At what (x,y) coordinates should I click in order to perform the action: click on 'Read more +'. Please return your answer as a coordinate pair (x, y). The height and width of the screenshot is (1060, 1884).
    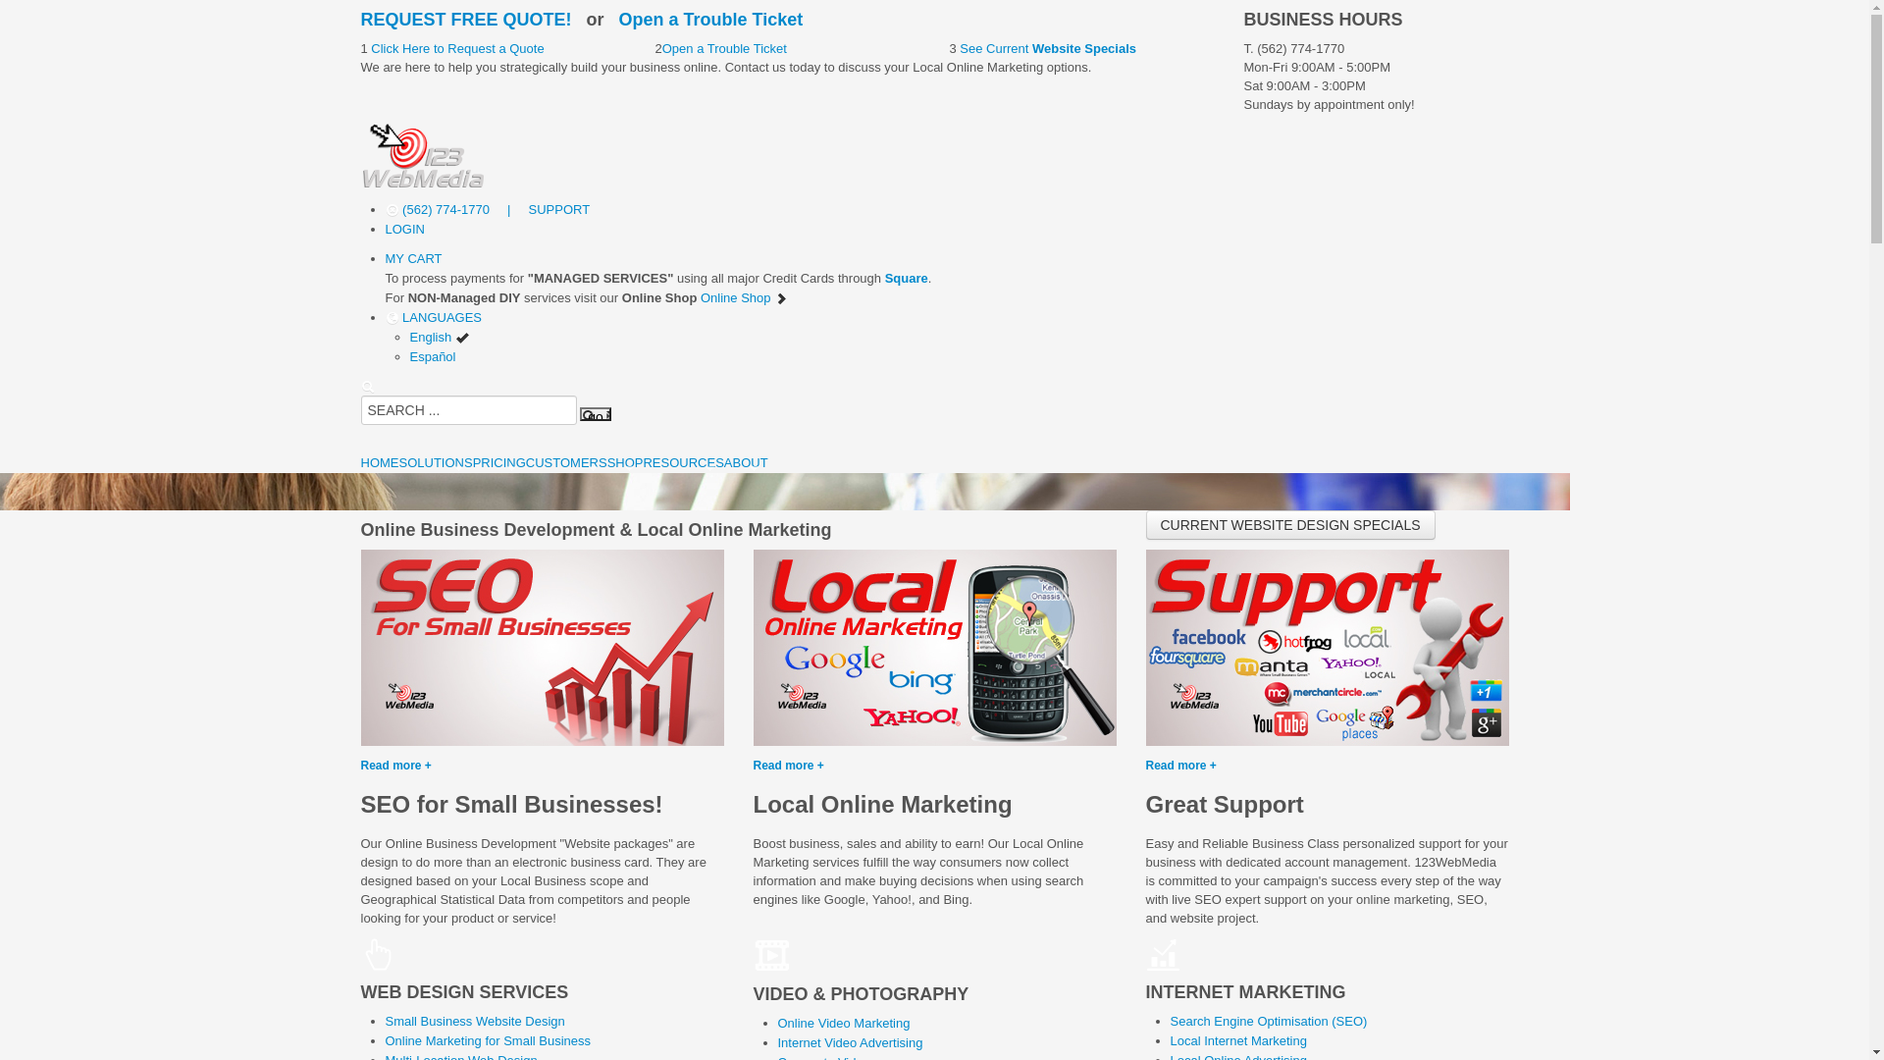
    Looking at the image, I should click on (542, 707).